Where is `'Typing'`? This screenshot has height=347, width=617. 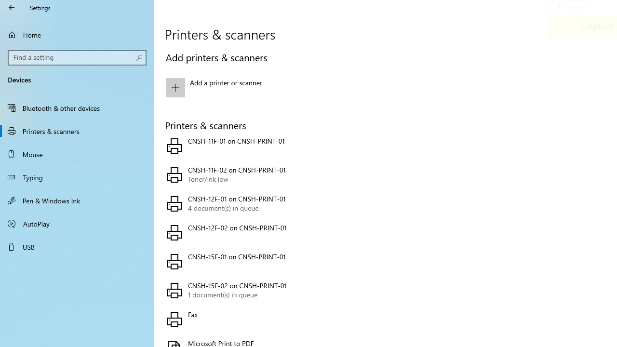 'Typing' is located at coordinates (77, 177).